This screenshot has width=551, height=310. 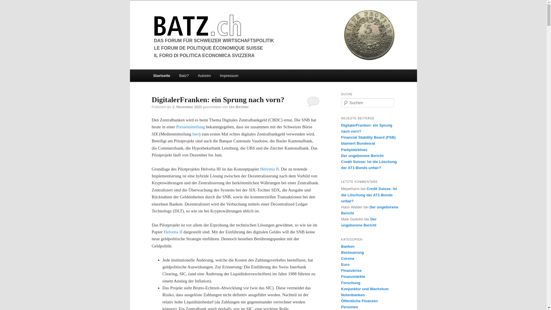 What do you see at coordinates (187, 107) in the screenshot?
I see `'2. November 2023'` at bounding box center [187, 107].